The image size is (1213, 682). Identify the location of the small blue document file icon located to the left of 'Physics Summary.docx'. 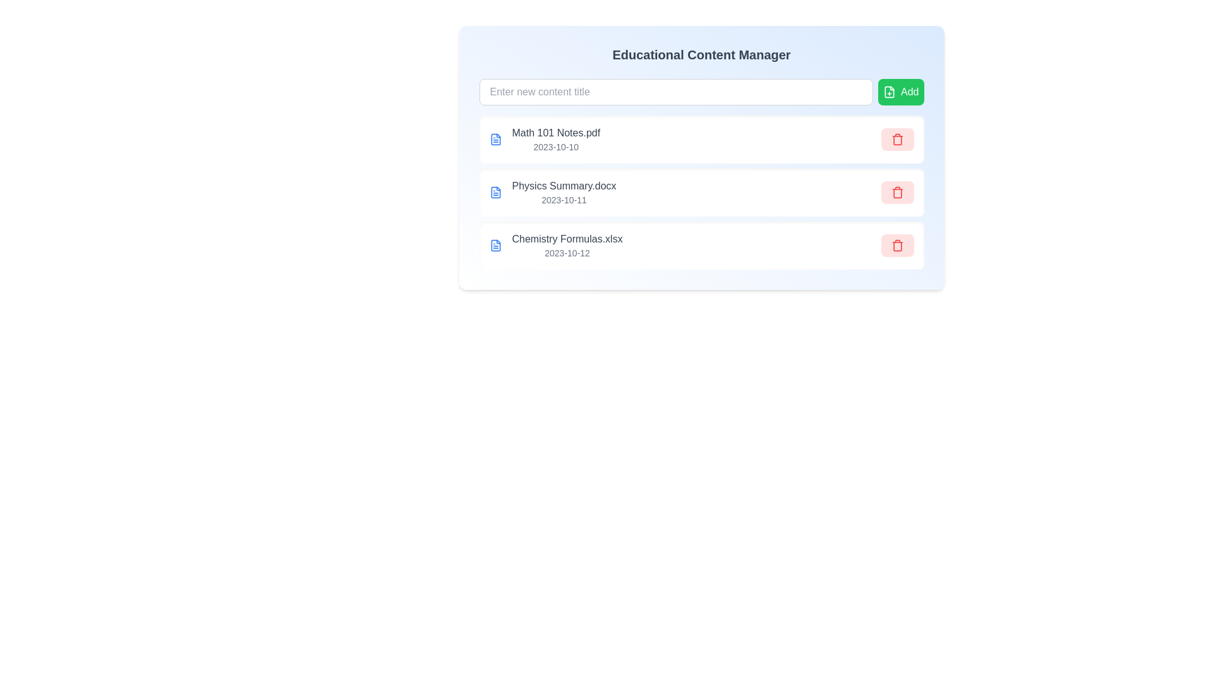
(495, 192).